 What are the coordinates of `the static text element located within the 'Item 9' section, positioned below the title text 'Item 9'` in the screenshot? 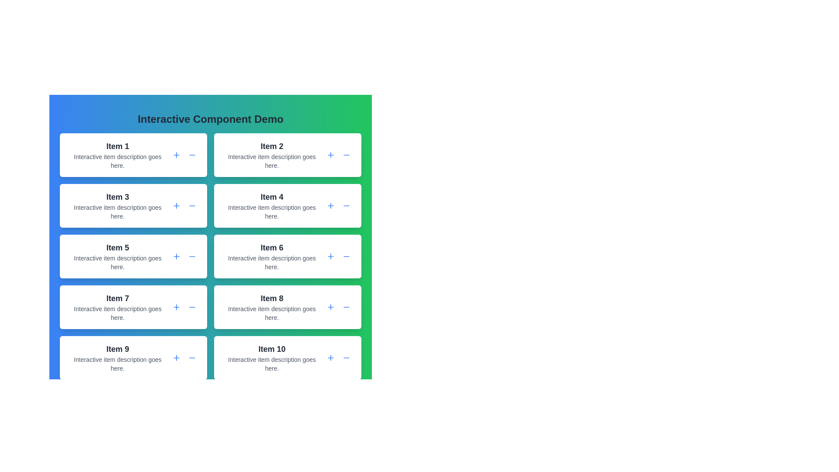 It's located at (117, 364).